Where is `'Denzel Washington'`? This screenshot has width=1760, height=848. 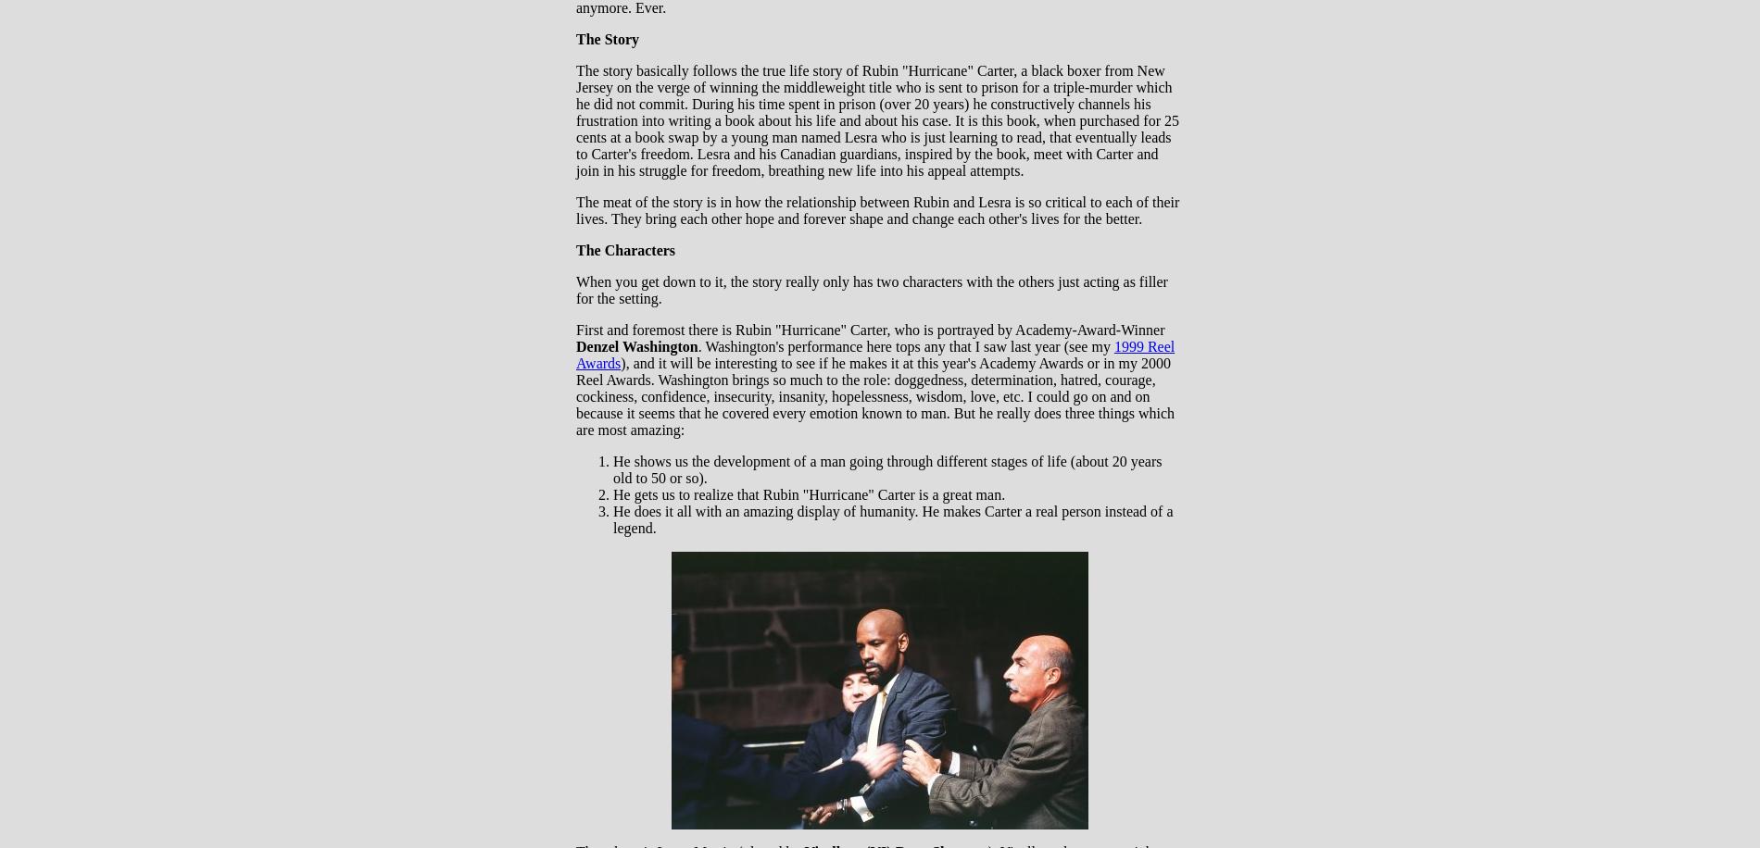
'Denzel Washington' is located at coordinates (636, 346).